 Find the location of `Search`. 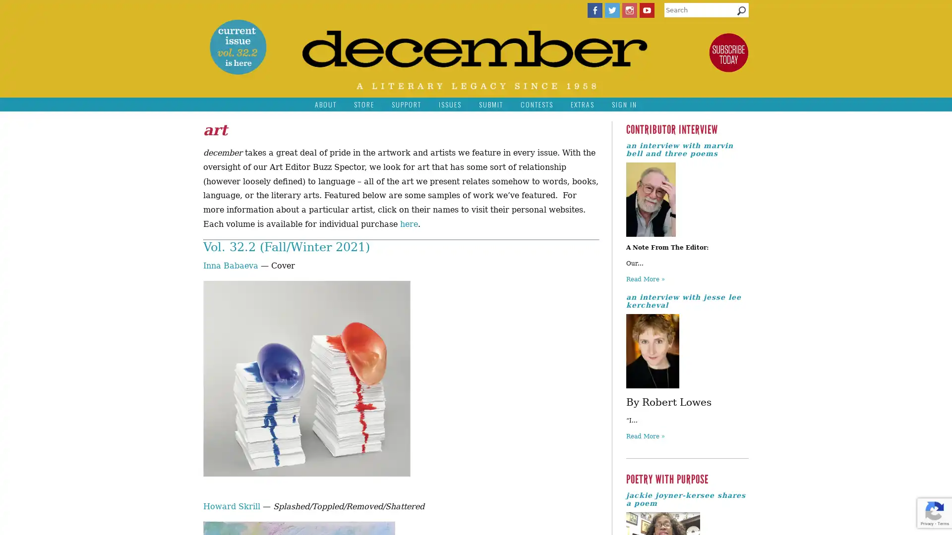

Search is located at coordinates (741, 13).